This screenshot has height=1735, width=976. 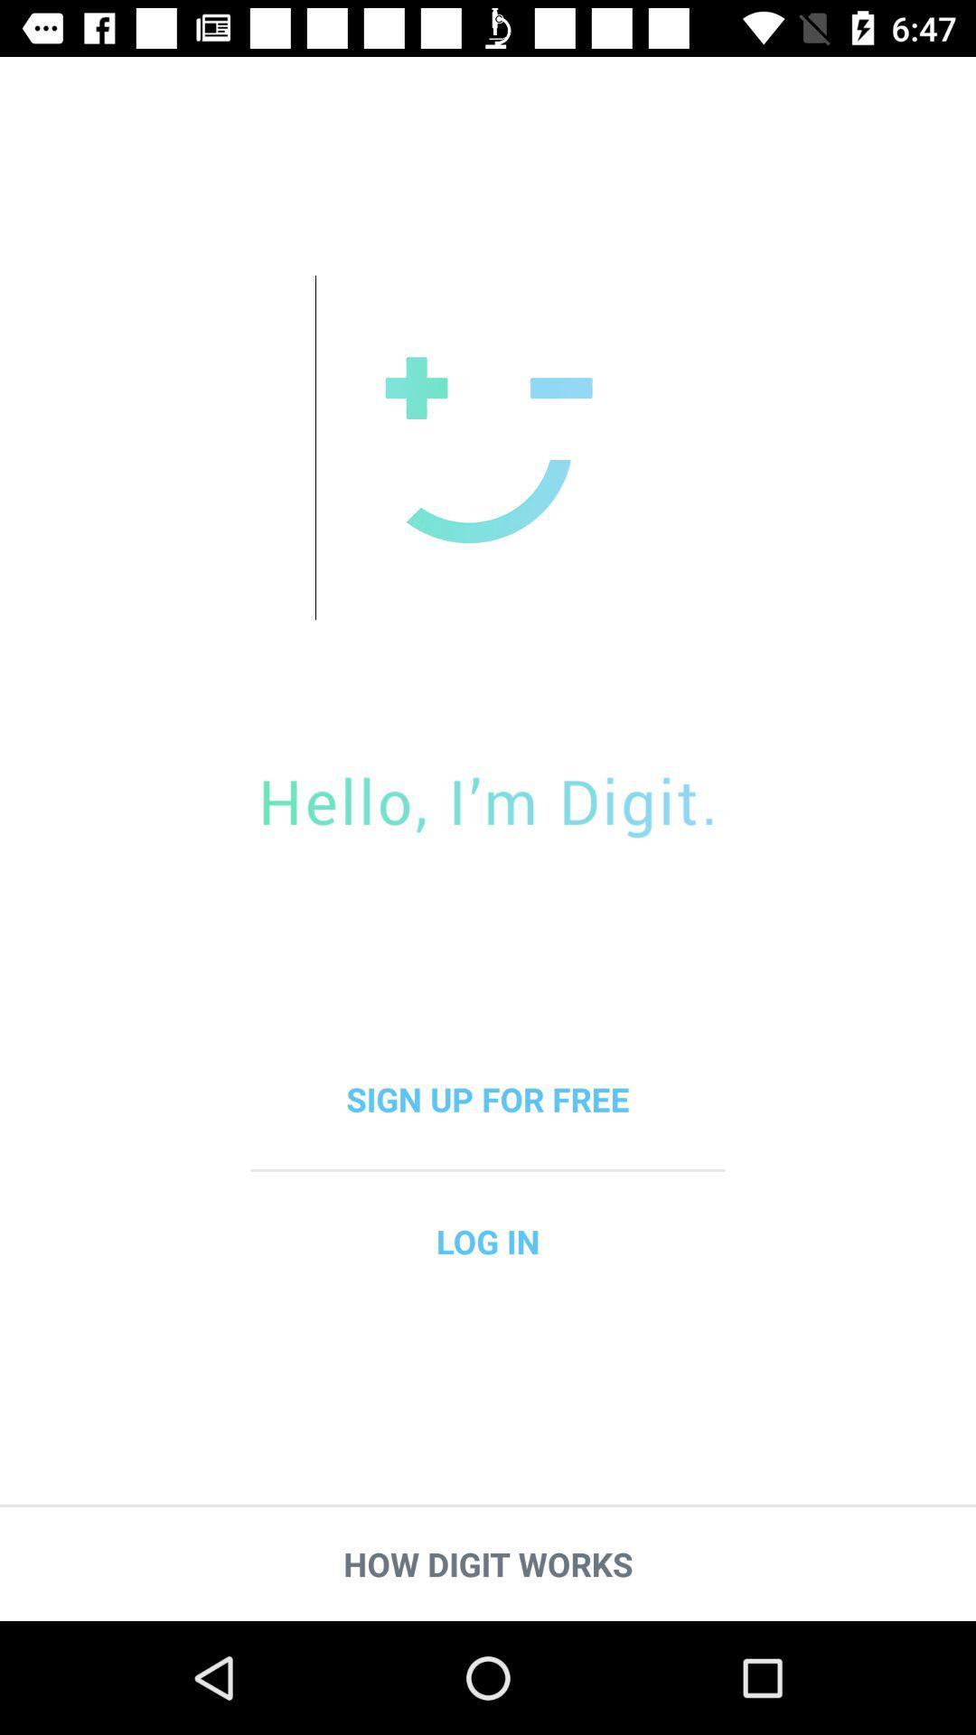 I want to click on how digit works item, so click(x=488, y=1563).